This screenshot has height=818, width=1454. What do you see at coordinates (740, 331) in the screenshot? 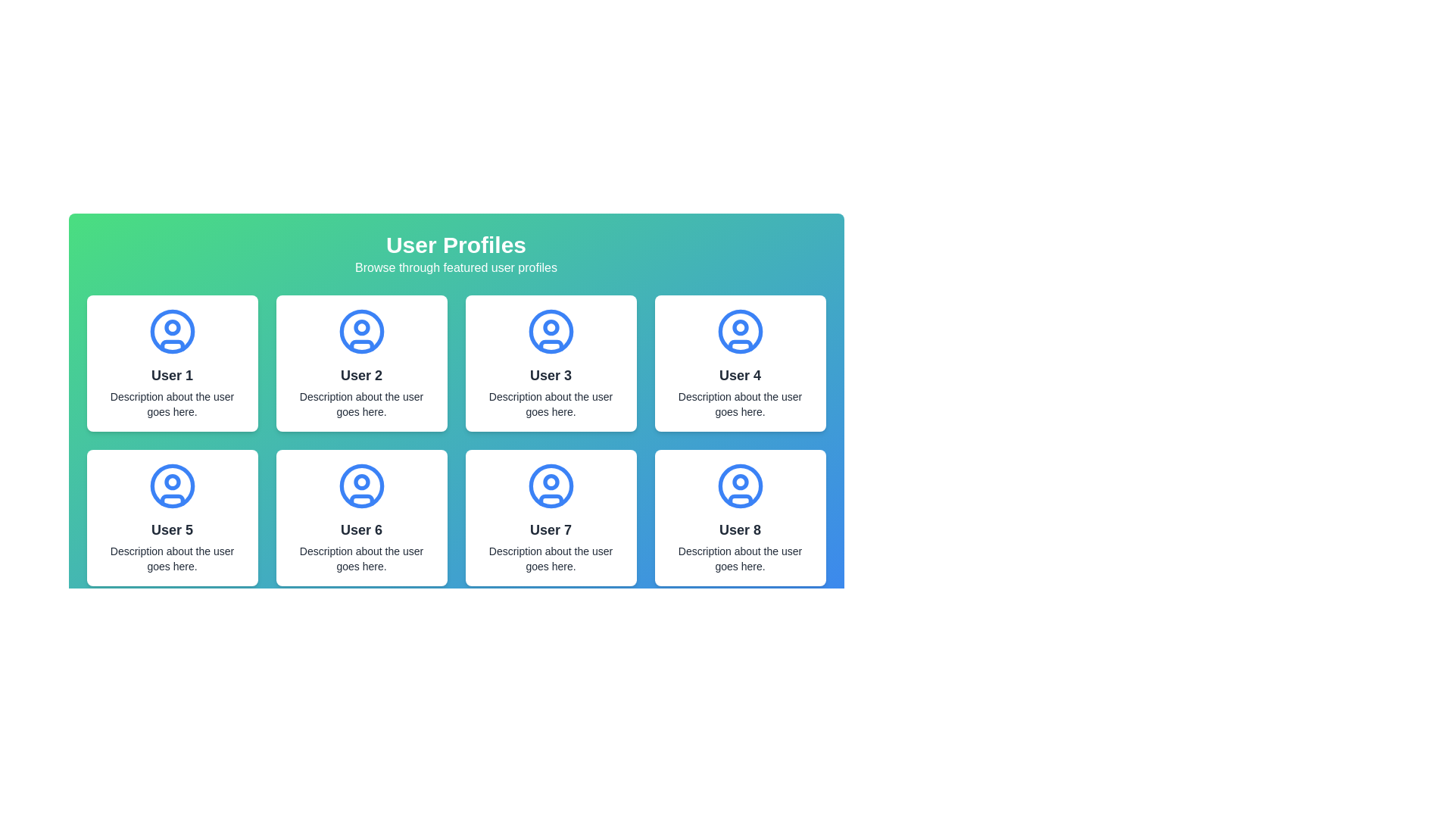
I see `the blue and white circular graphic component of the 'User 4' profile card located in the top-right corner of the profiles grid` at bounding box center [740, 331].